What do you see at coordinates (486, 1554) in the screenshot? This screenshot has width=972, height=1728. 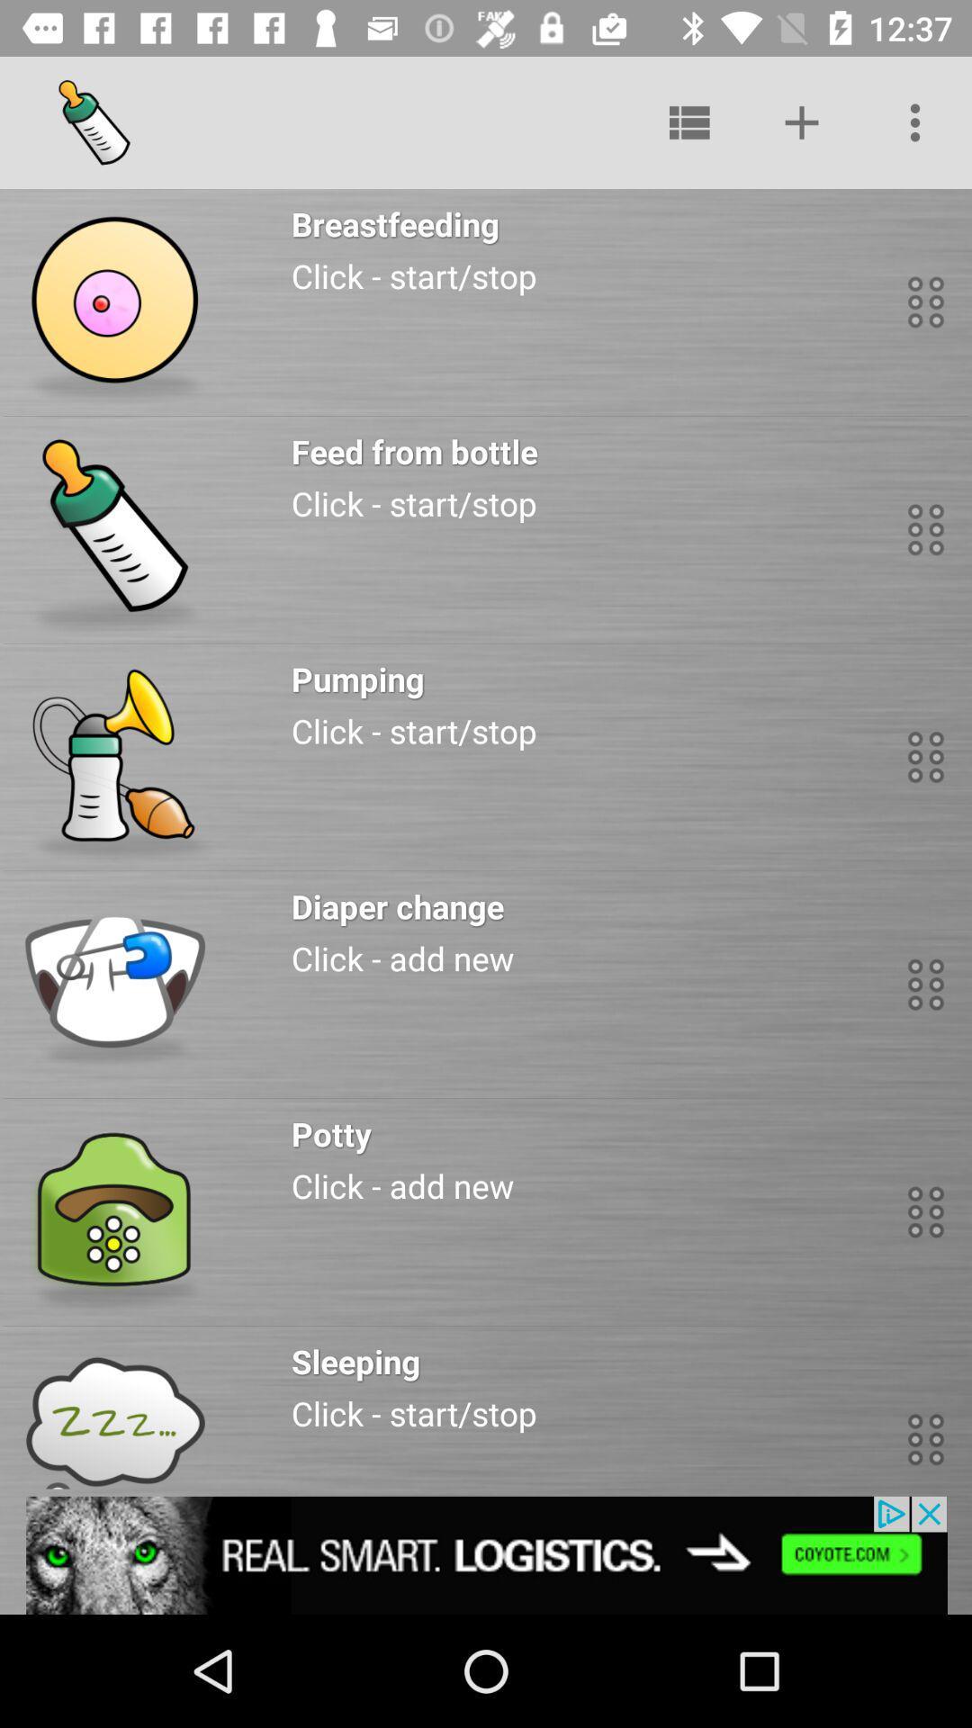 I see `advertisement click` at bounding box center [486, 1554].